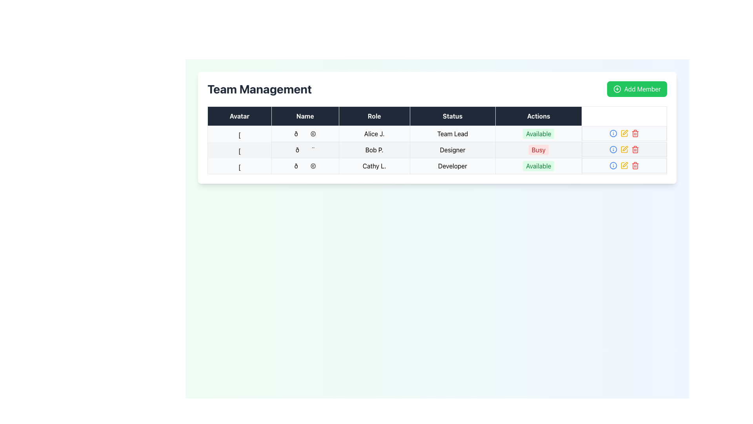  I want to click on the red trash can icon in the Actions column of the user table, so click(635, 133).